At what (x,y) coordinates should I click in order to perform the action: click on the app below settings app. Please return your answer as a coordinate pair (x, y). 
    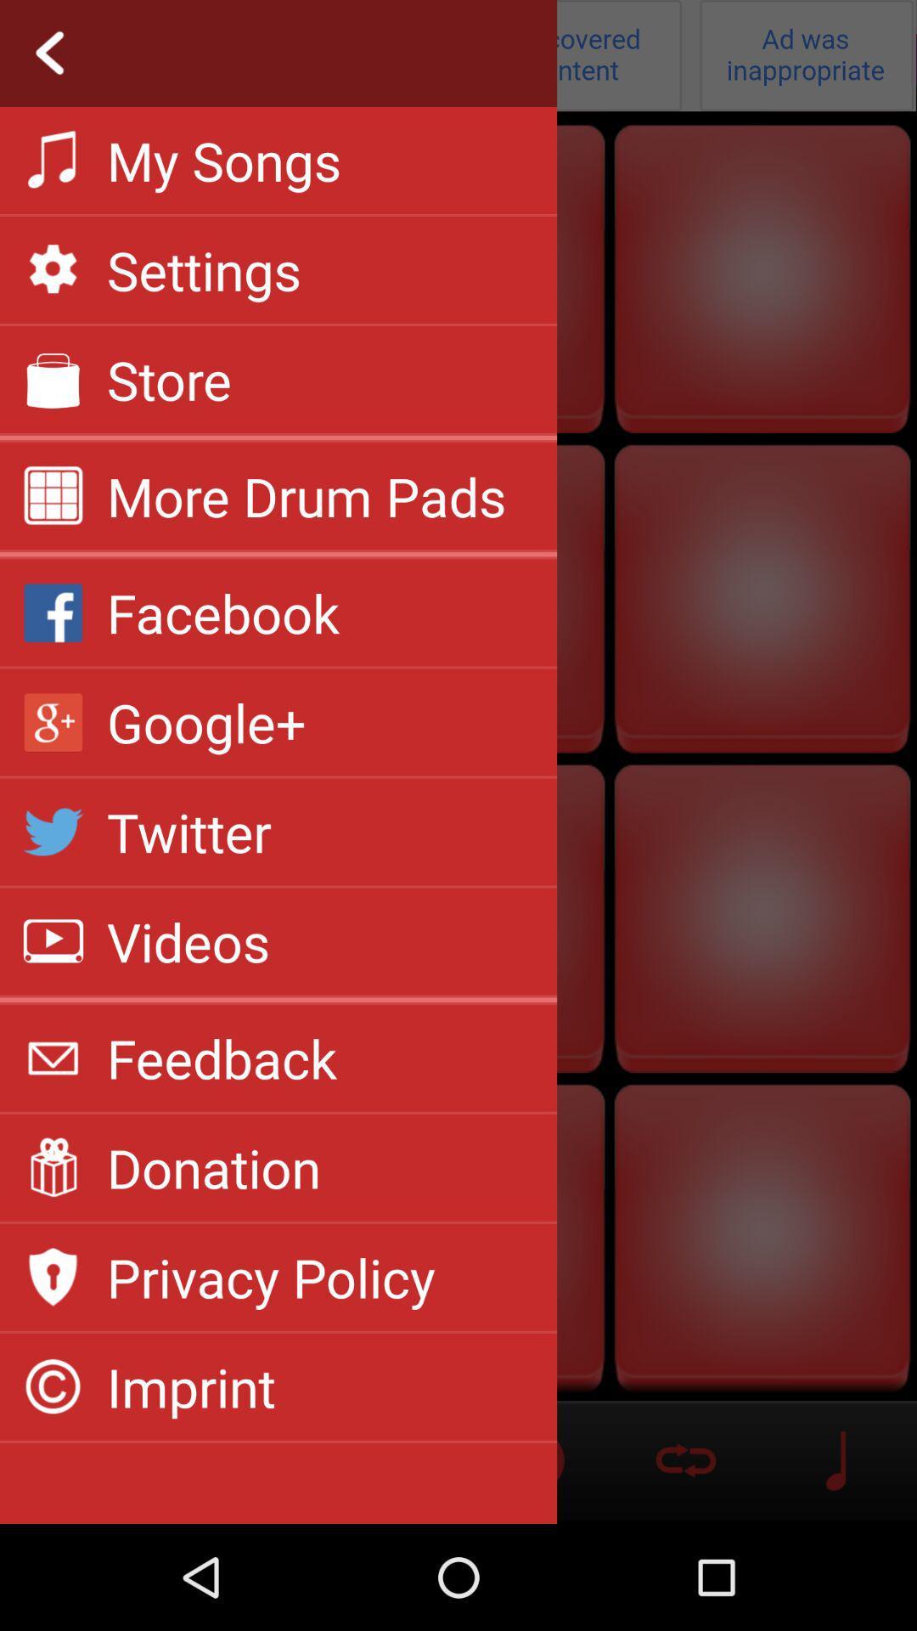
    Looking at the image, I should click on (169, 378).